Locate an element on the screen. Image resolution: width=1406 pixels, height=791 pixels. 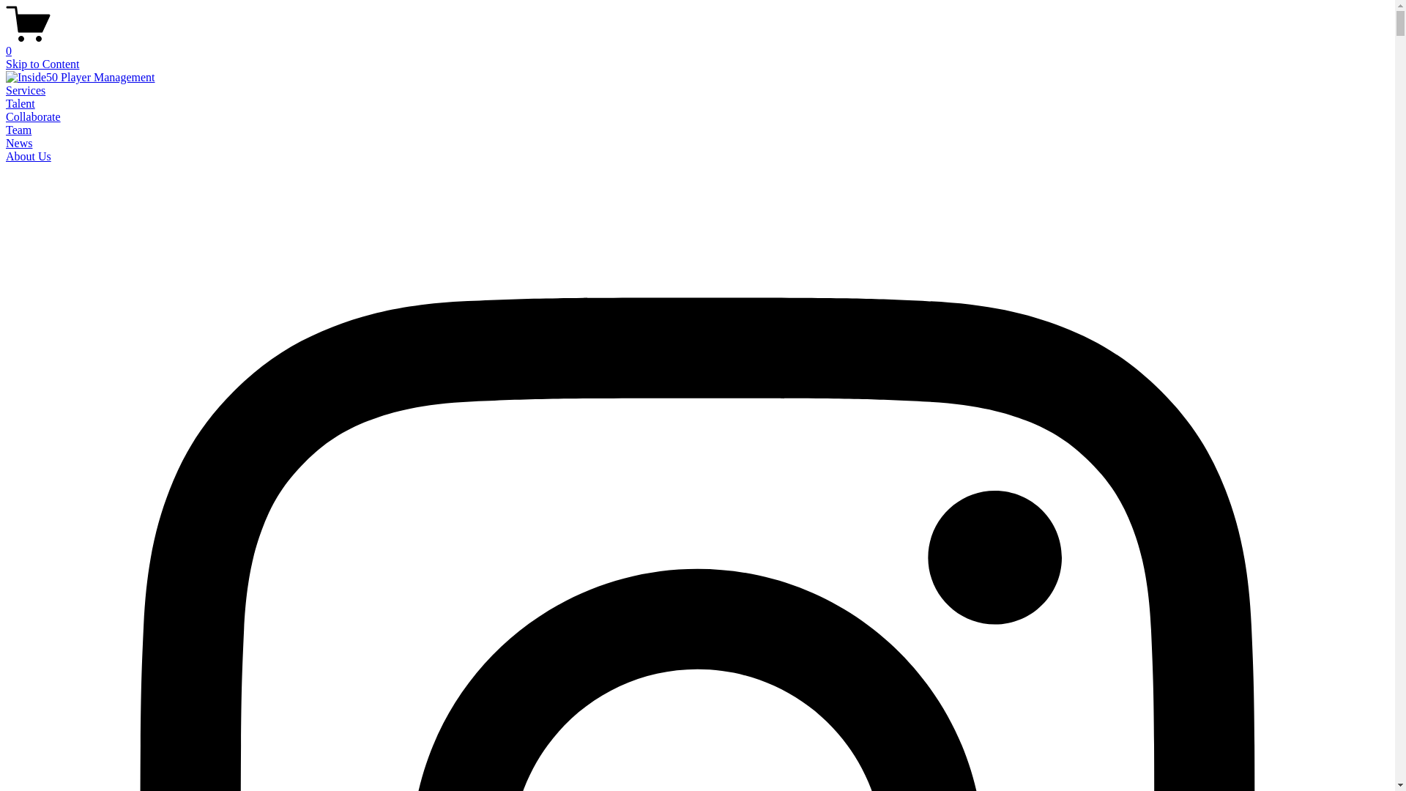
'0' is located at coordinates (696, 44).